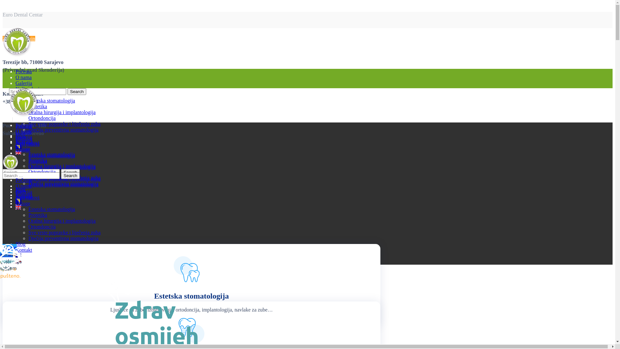 Image resolution: width=620 pixels, height=349 pixels. What do you see at coordinates (23, 77) in the screenshot?
I see `'O nama'` at bounding box center [23, 77].